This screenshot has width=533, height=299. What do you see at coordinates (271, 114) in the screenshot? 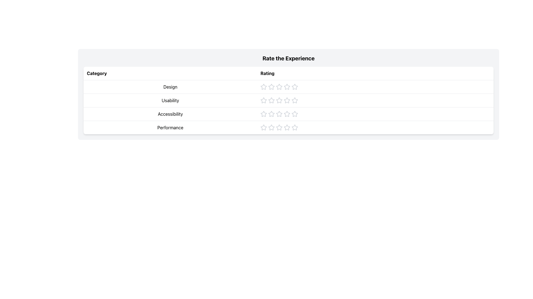
I see `the third star in the Accessibility rating component` at bounding box center [271, 114].